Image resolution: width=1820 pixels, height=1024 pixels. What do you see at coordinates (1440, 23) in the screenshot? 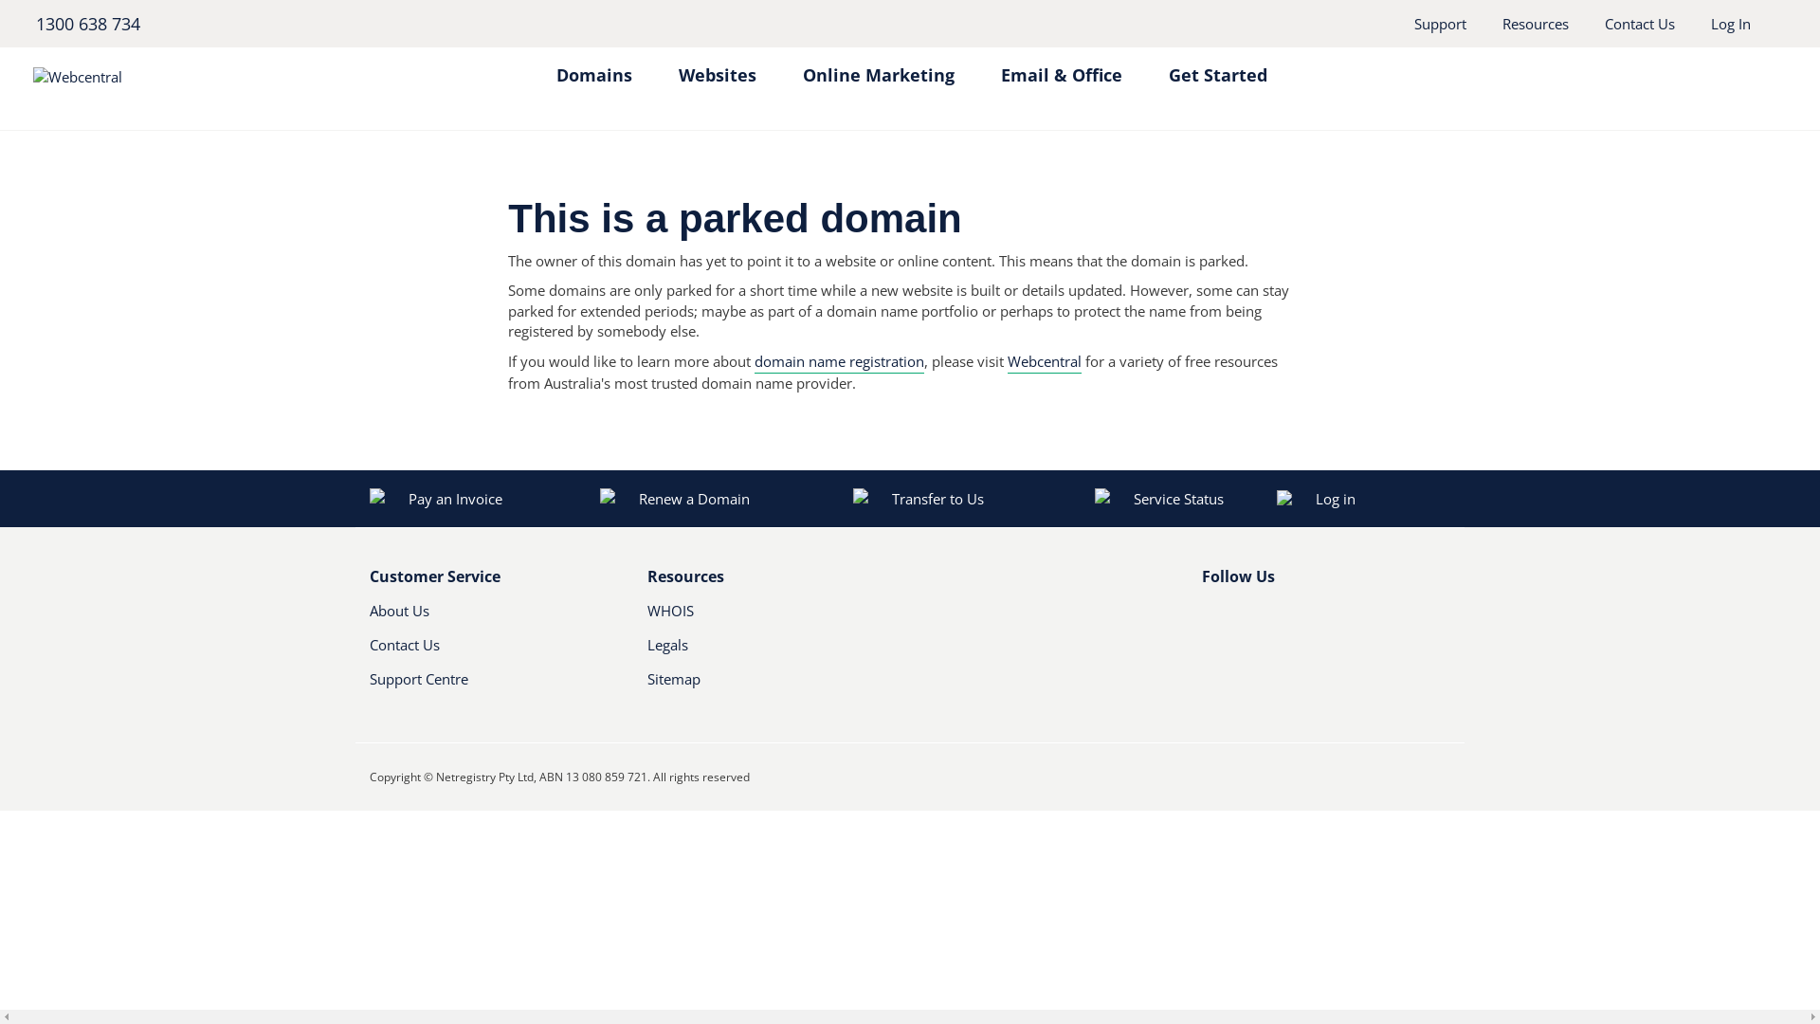
I see `'Support'` at bounding box center [1440, 23].